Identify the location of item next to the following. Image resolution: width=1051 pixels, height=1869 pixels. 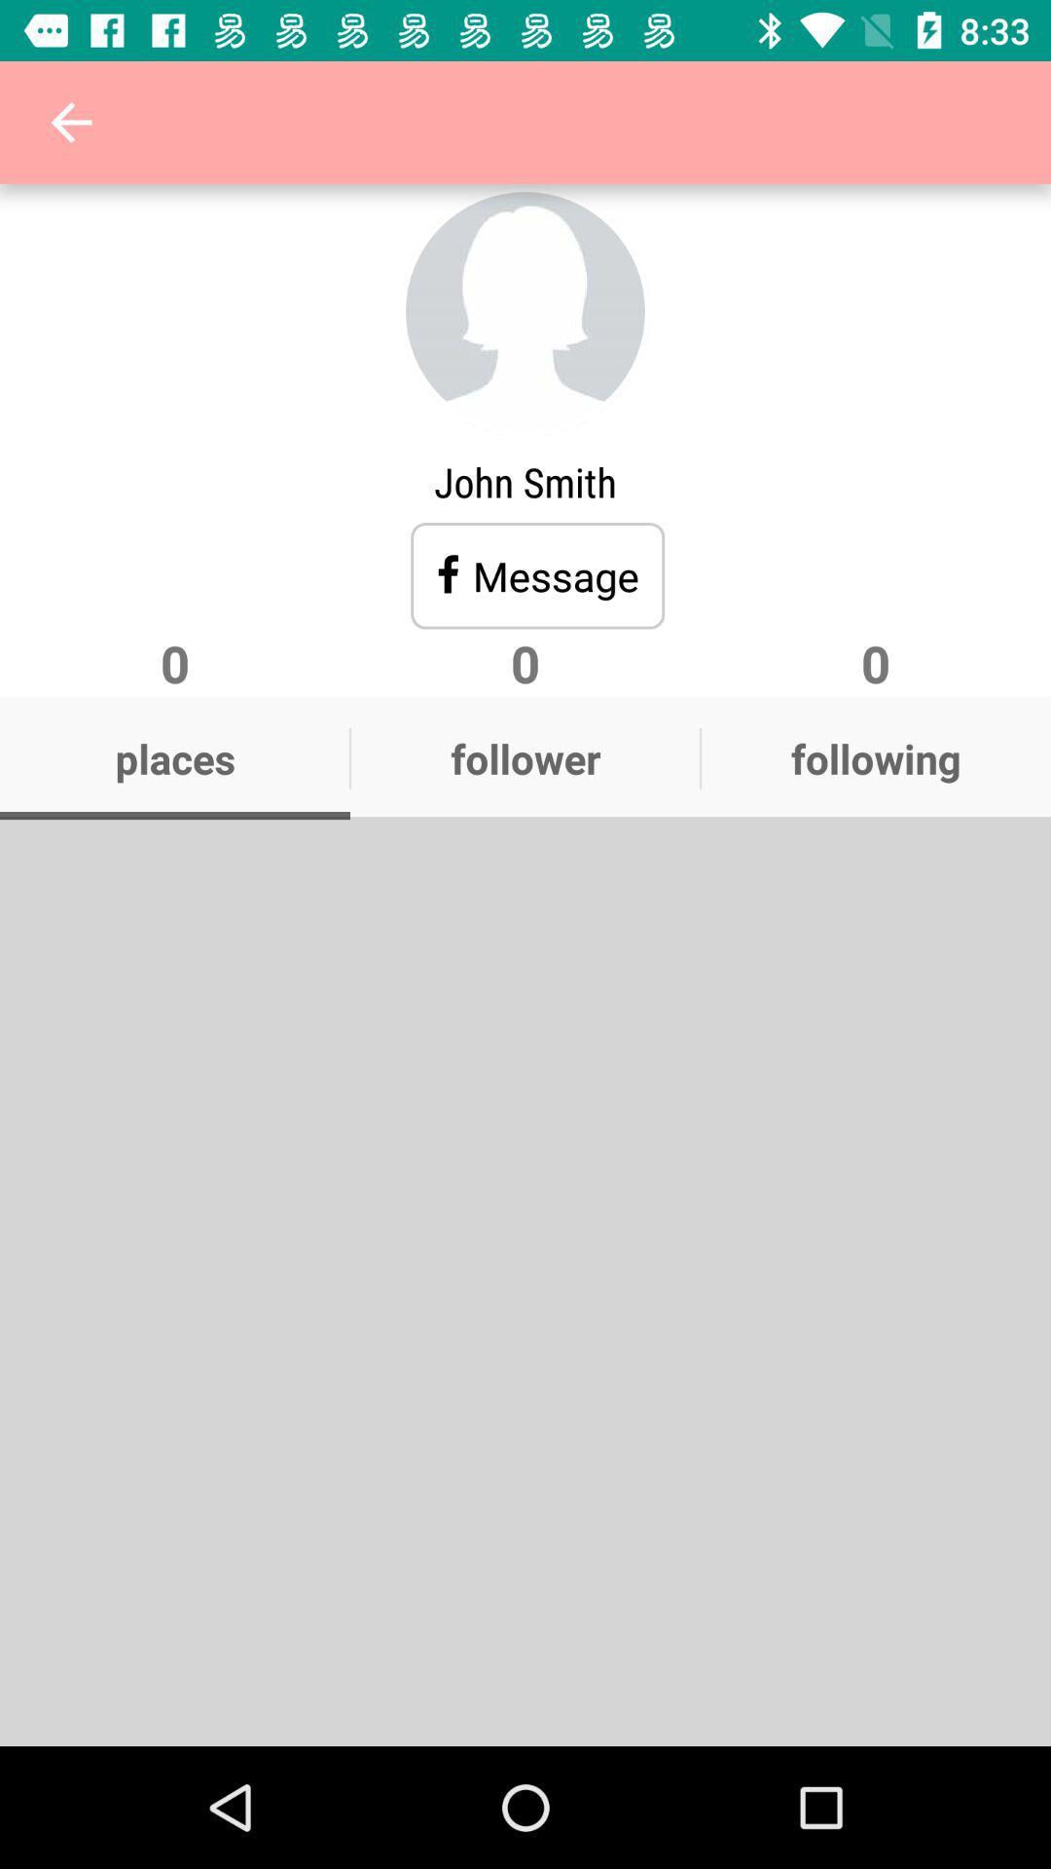
(525, 757).